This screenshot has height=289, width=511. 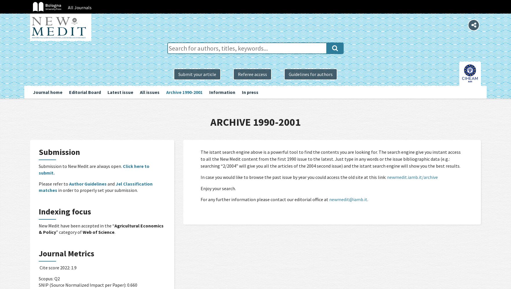 What do you see at coordinates (99, 232) in the screenshot?
I see `'Web of Science'` at bounding box center [99, 232].